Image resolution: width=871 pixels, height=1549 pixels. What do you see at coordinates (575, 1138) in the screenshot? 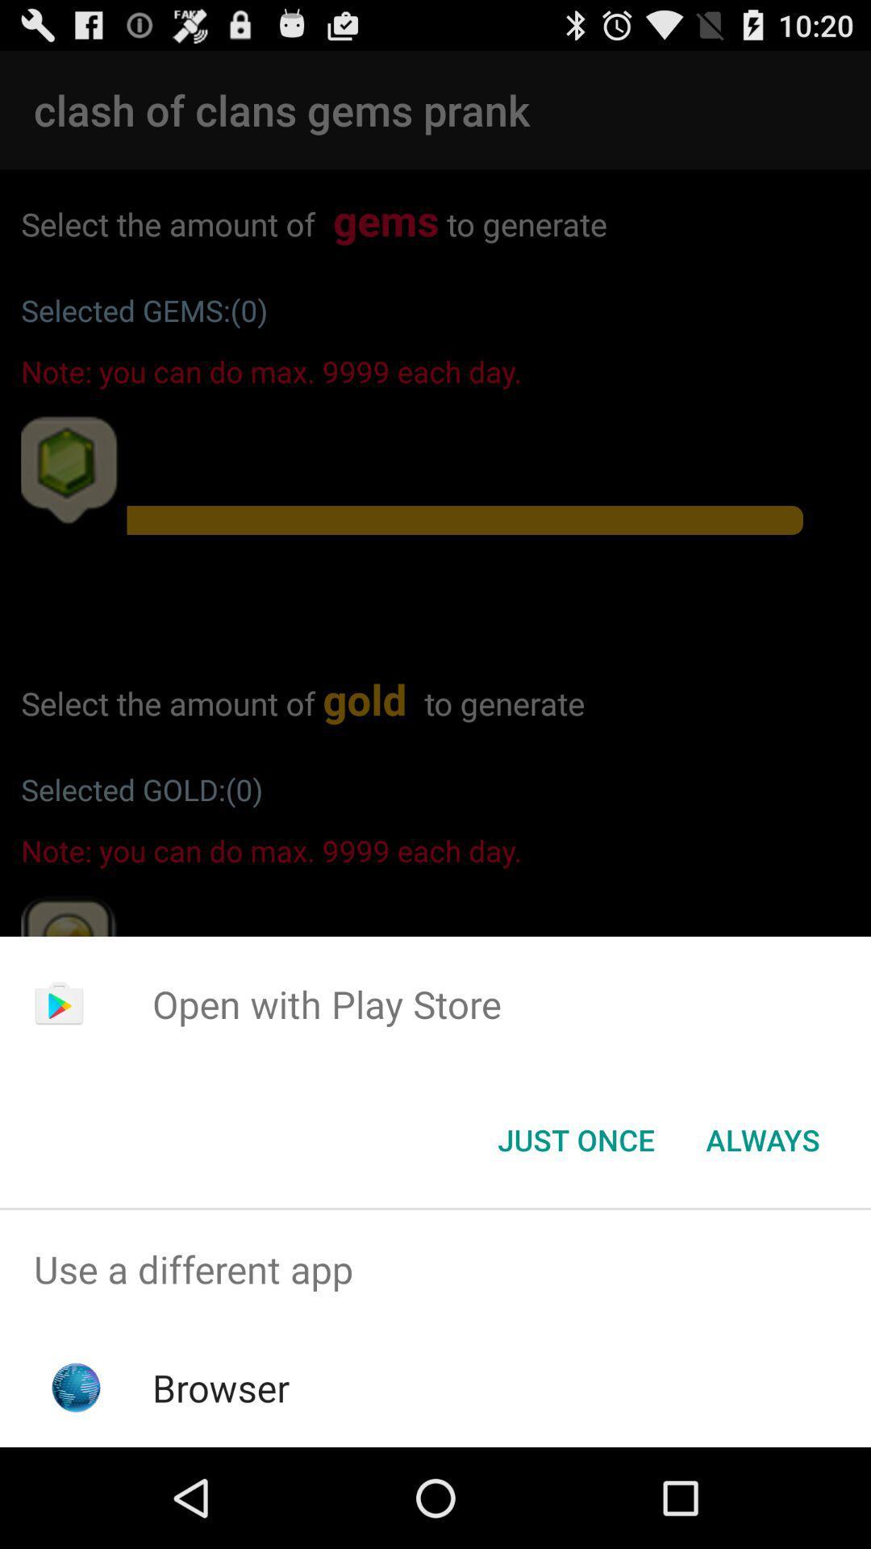
I see `icon next to the always item` at bounding box center [575, 1138].